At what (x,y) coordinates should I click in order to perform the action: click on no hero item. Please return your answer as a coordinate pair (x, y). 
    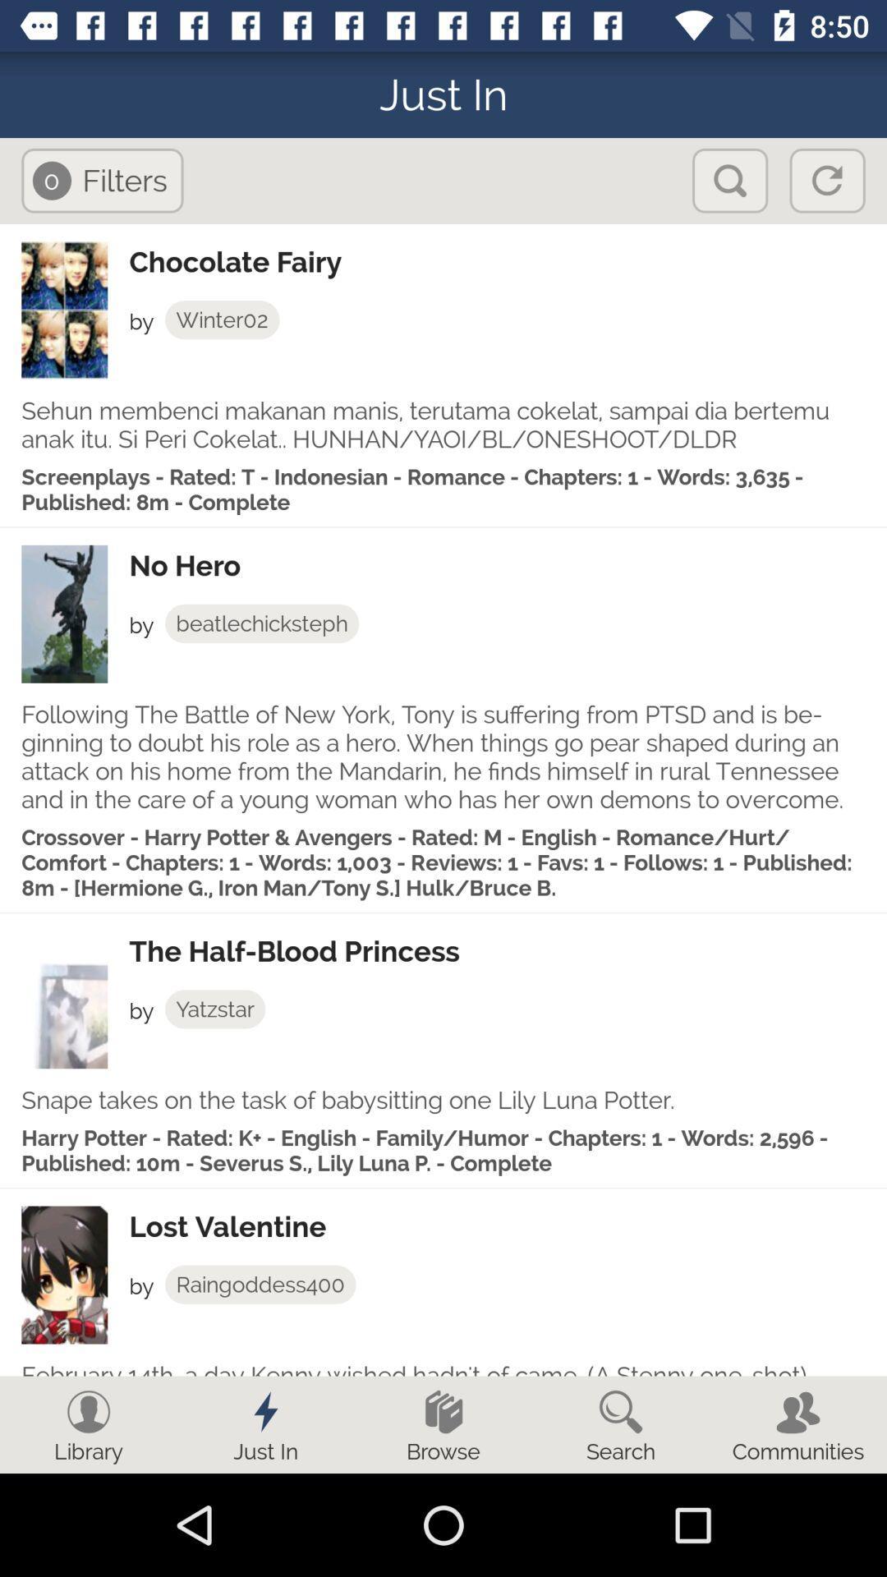
    Looking at the image, I should click on (507, 566).